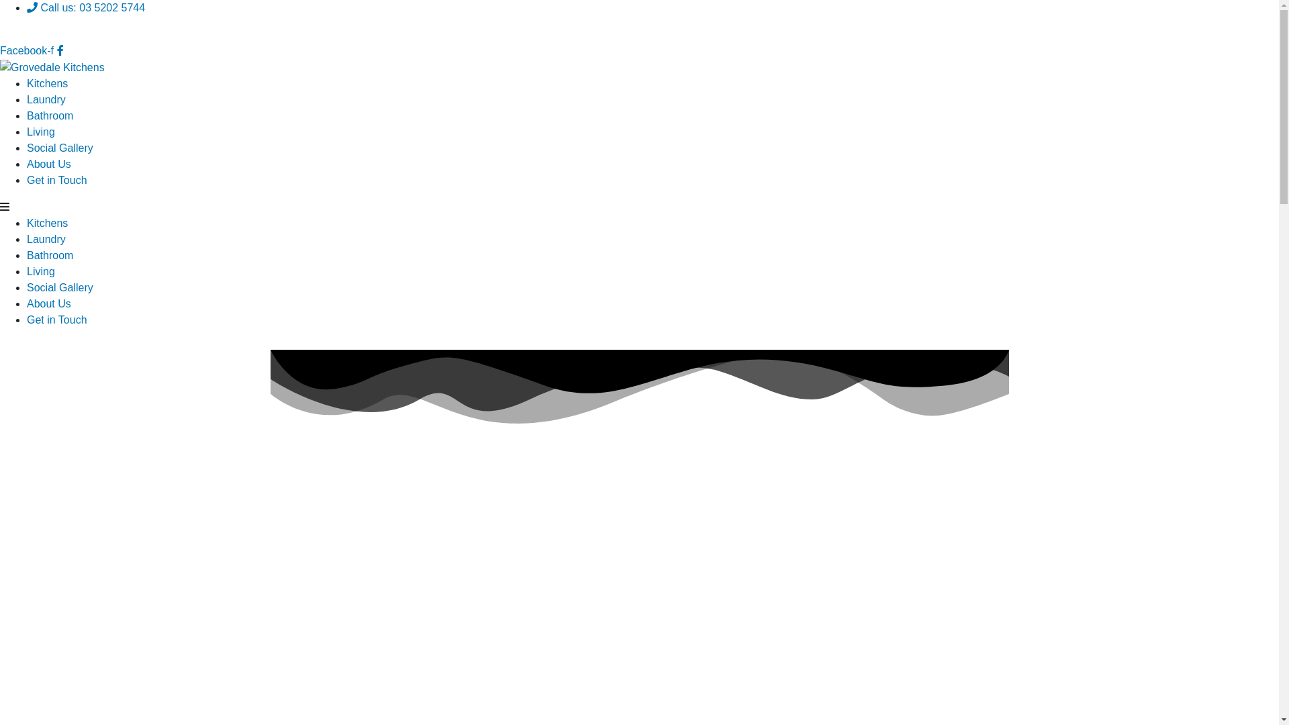  What do you see at coordinates (26, 99) in the screenshot?
I see `'Laundry'` at bounding box center [26, 99].